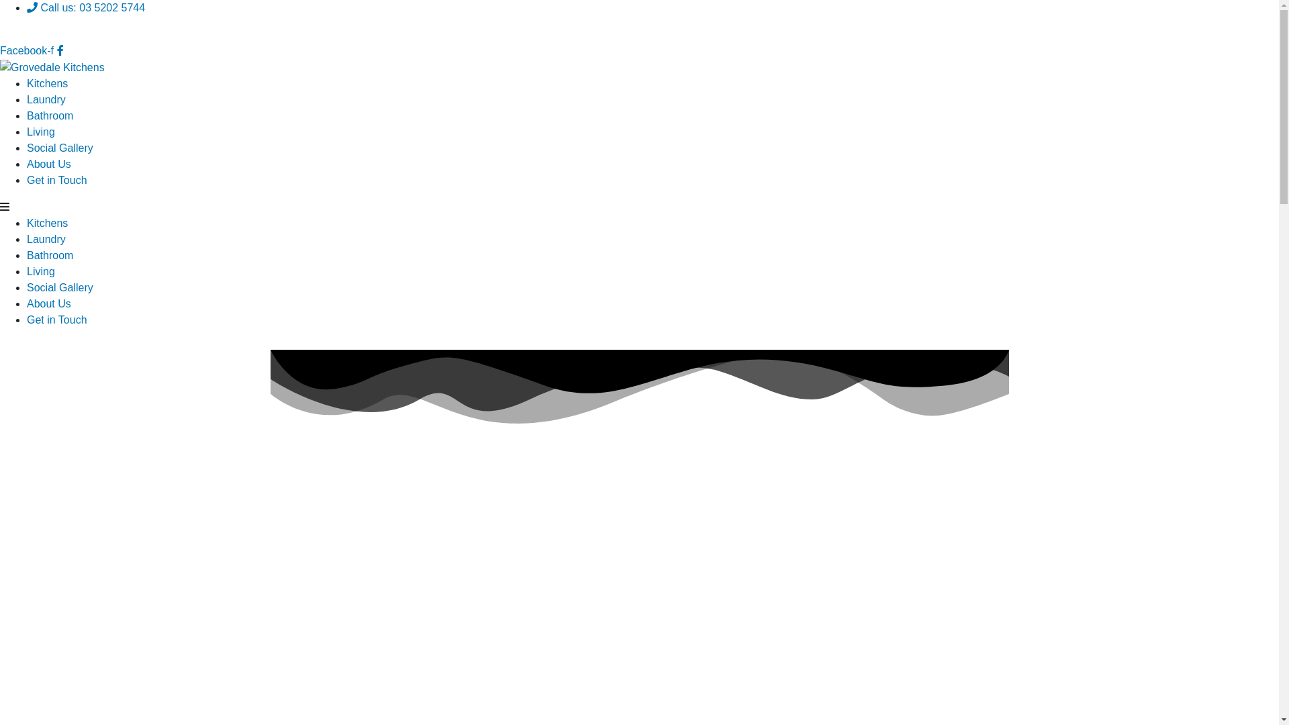  What do you see at coordinates (26, 99) in the screenshot?
I see `'Laundry'` at bounding box center [26, 99].